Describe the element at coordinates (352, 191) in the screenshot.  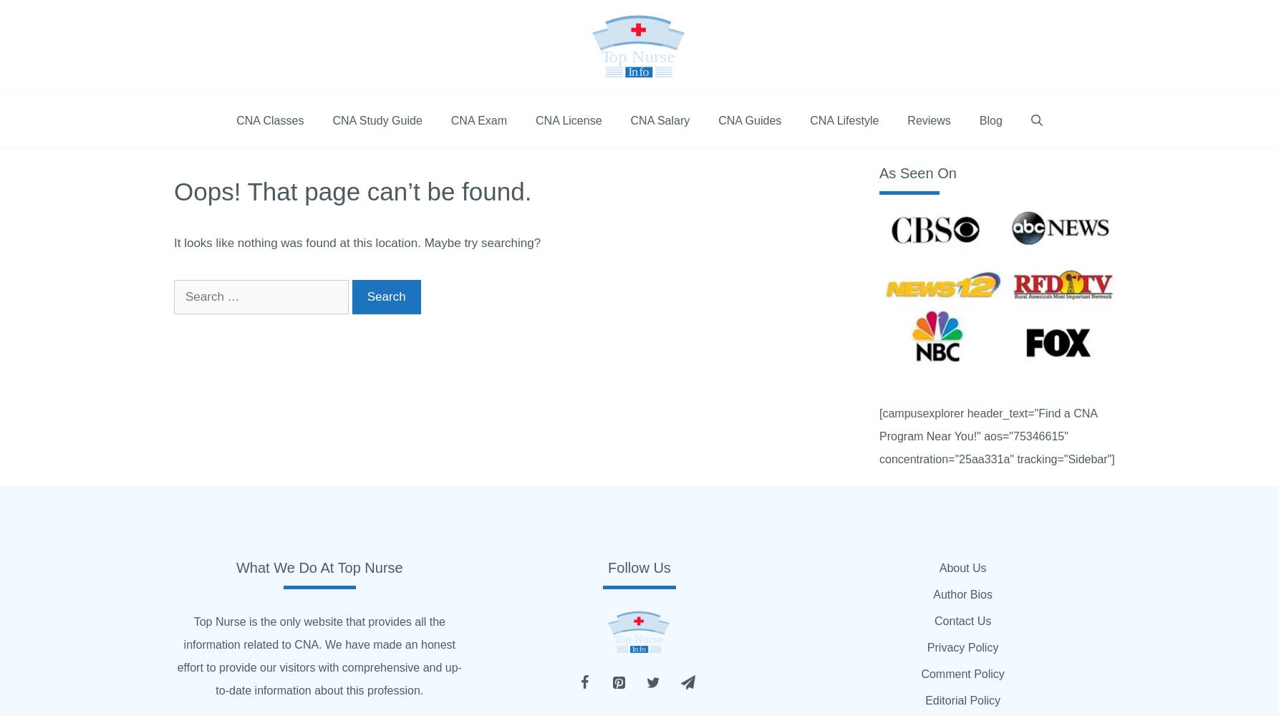
I see `'Oops! That page can’t be found.'` at that location.